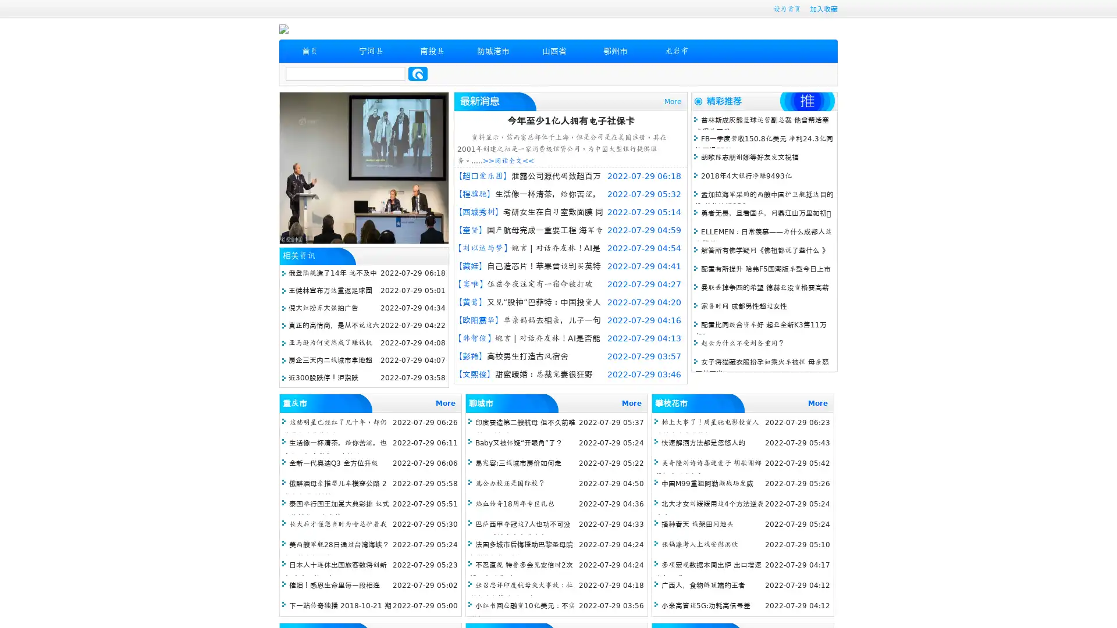 The image size is (1117, 628). What do you see at coordinates (418, 74) in the screenshot?
I see `Search` at bounding box center [418, 74].